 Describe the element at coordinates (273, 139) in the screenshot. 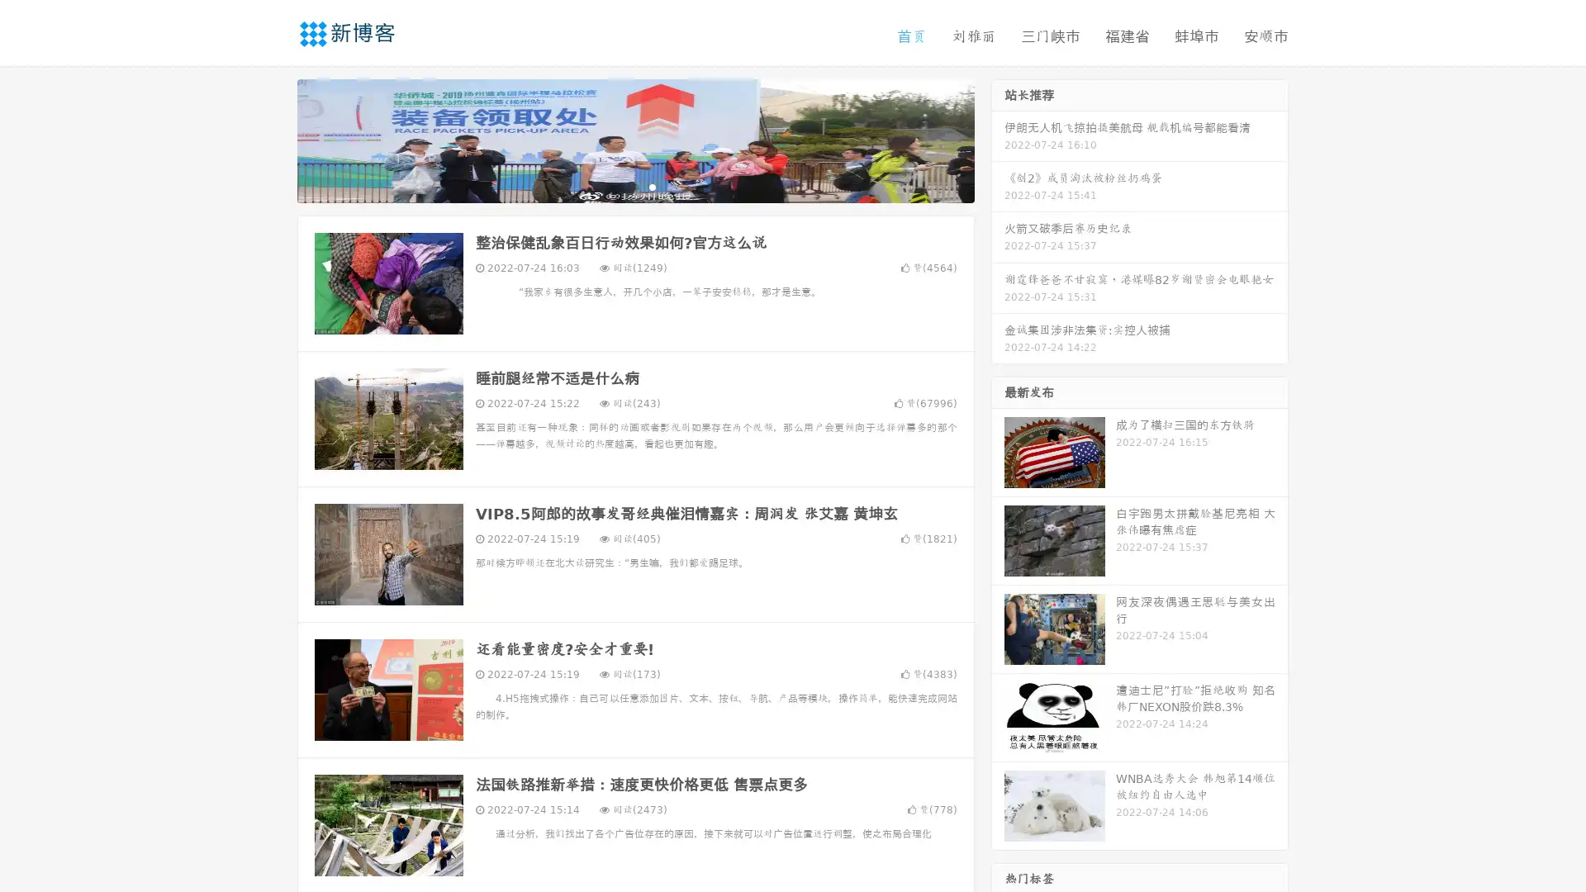

I see `Previous slide` at that location.